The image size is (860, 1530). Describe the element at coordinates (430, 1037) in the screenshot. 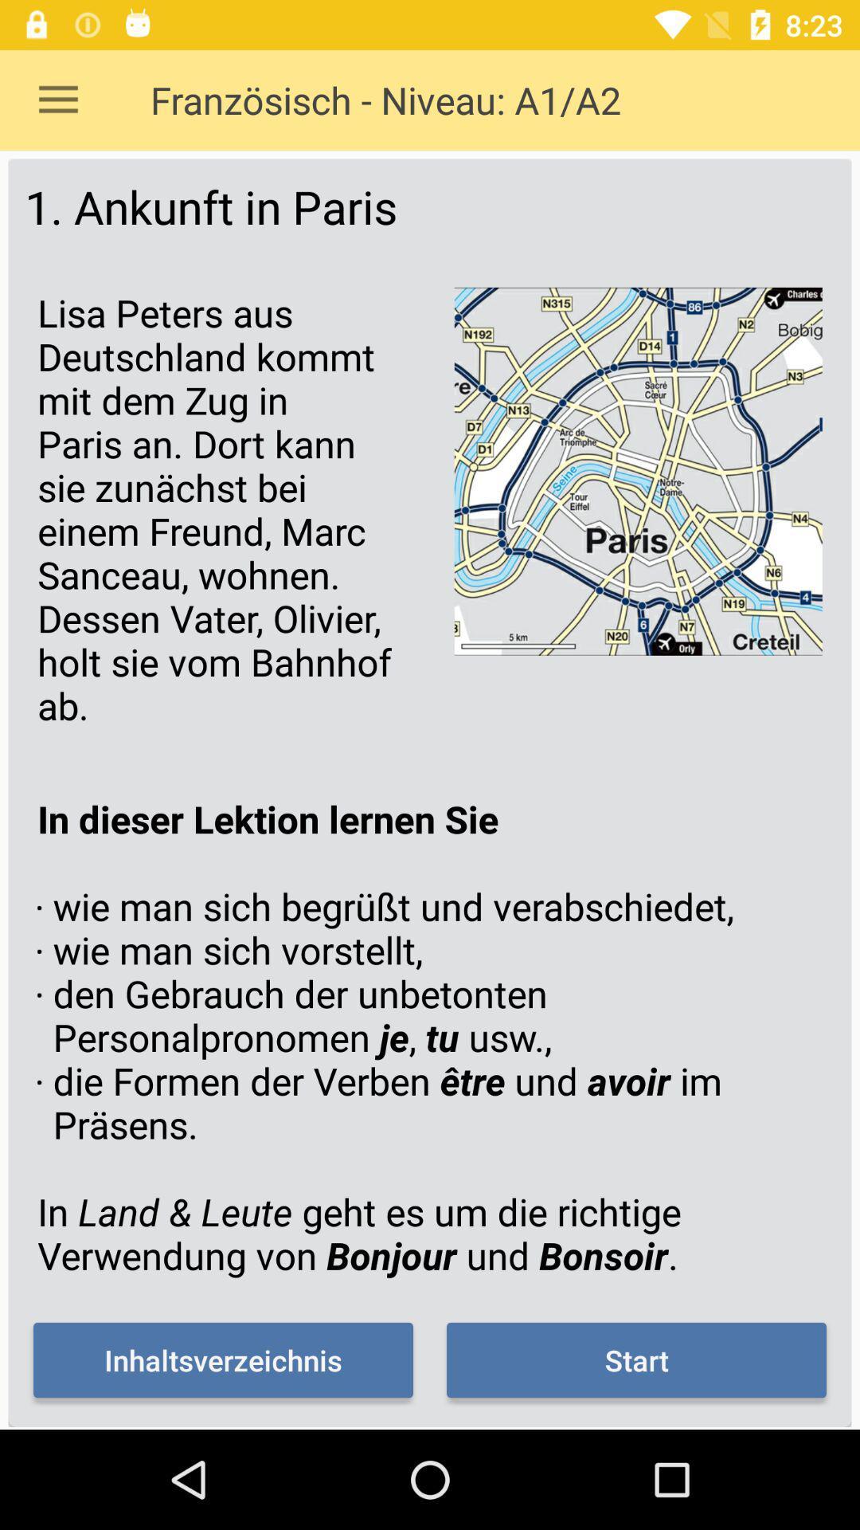

I see `item above the inhaltsverzeichnis icon` at that location.